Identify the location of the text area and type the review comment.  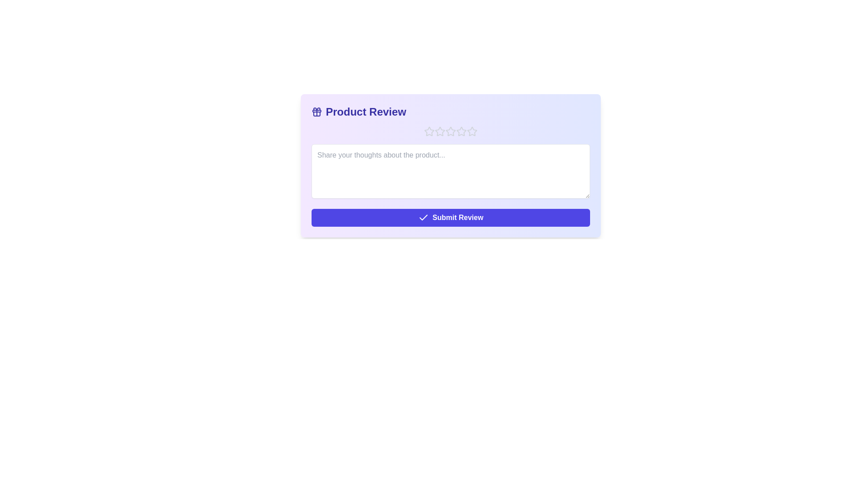
(450, 171).